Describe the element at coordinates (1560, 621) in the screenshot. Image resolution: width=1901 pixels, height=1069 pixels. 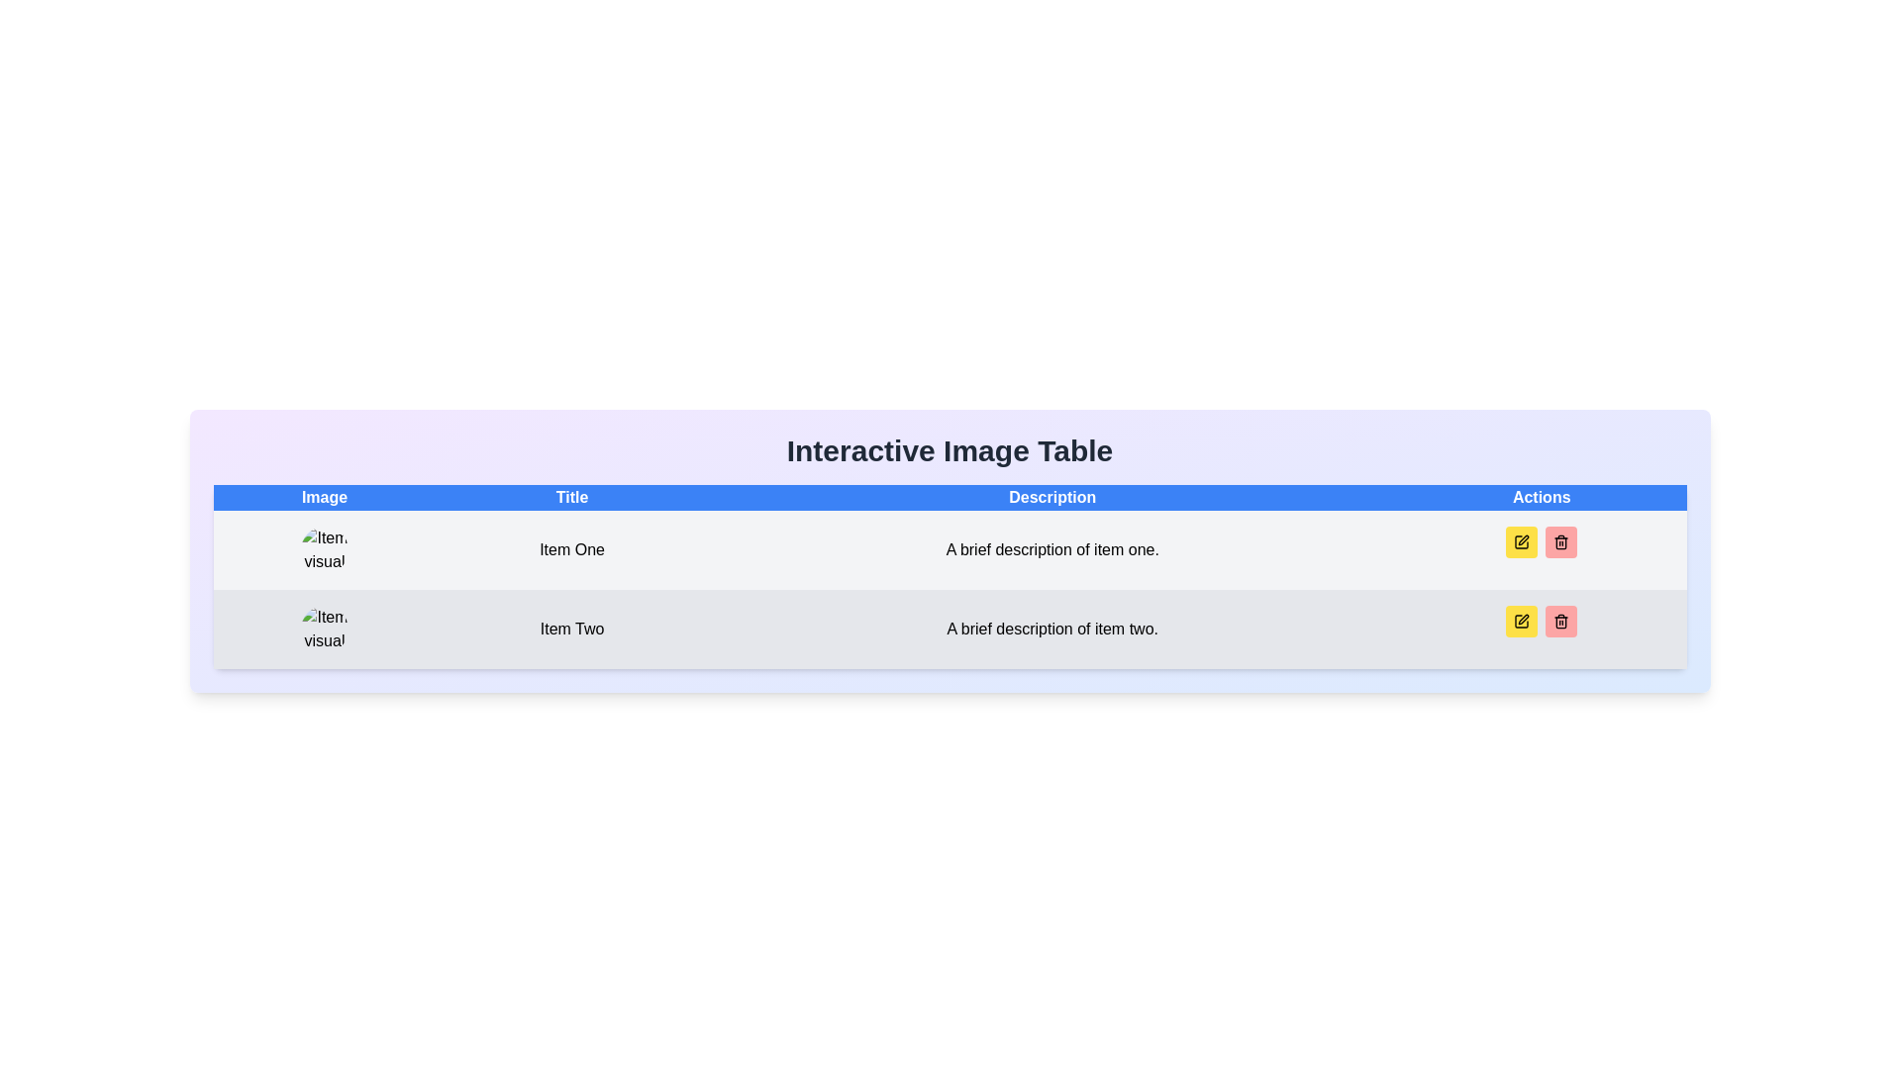
I see `the 'delete' button located in the 'Actions' column of the second row, positioned to the right of the yellow 'edit' button, to observe the hover effect` at that location.